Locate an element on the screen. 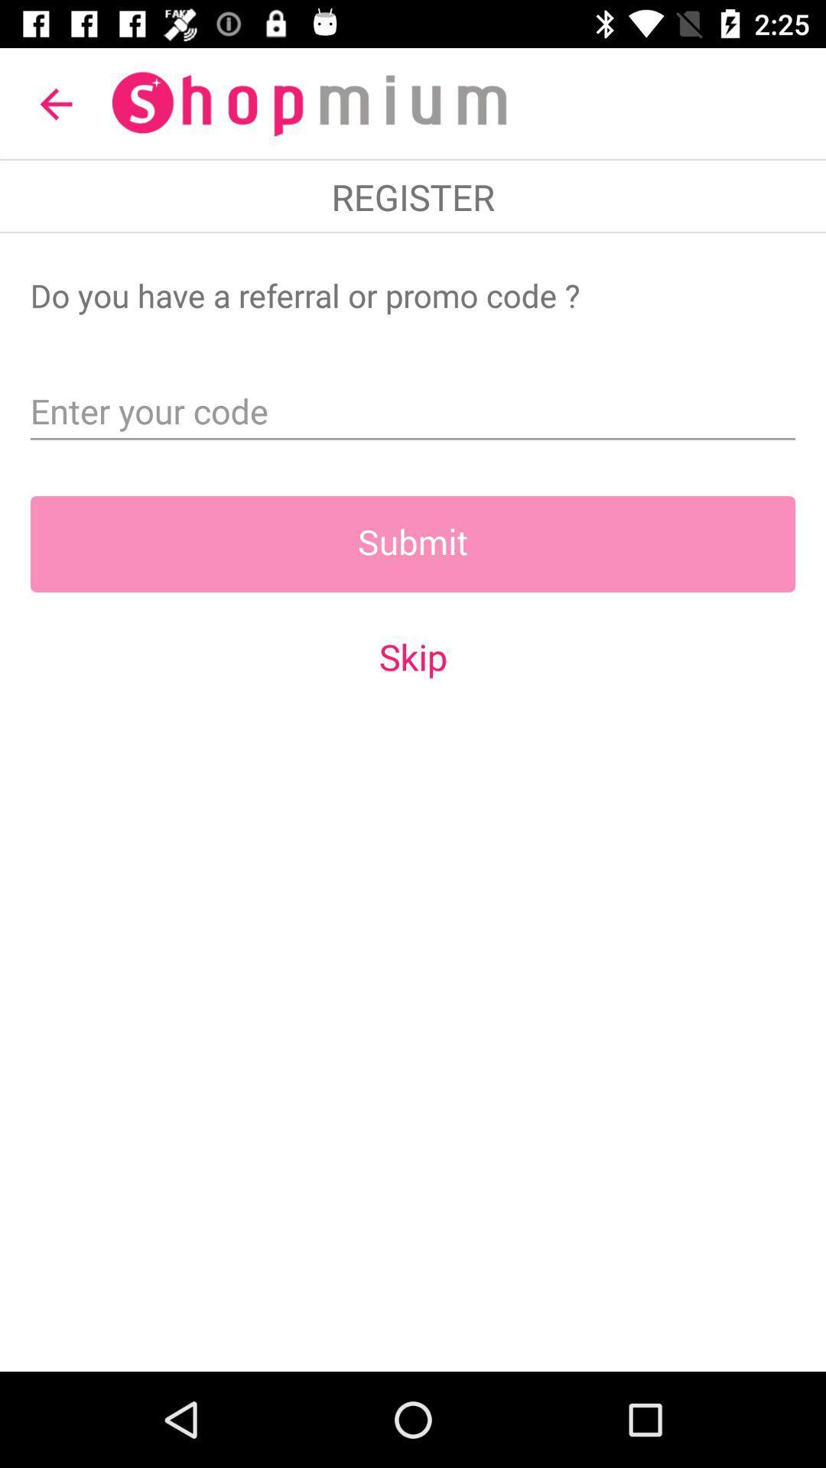 The width and height of the screenshot is (826, 1468). the submit icon is located at coordinates (413, 544).